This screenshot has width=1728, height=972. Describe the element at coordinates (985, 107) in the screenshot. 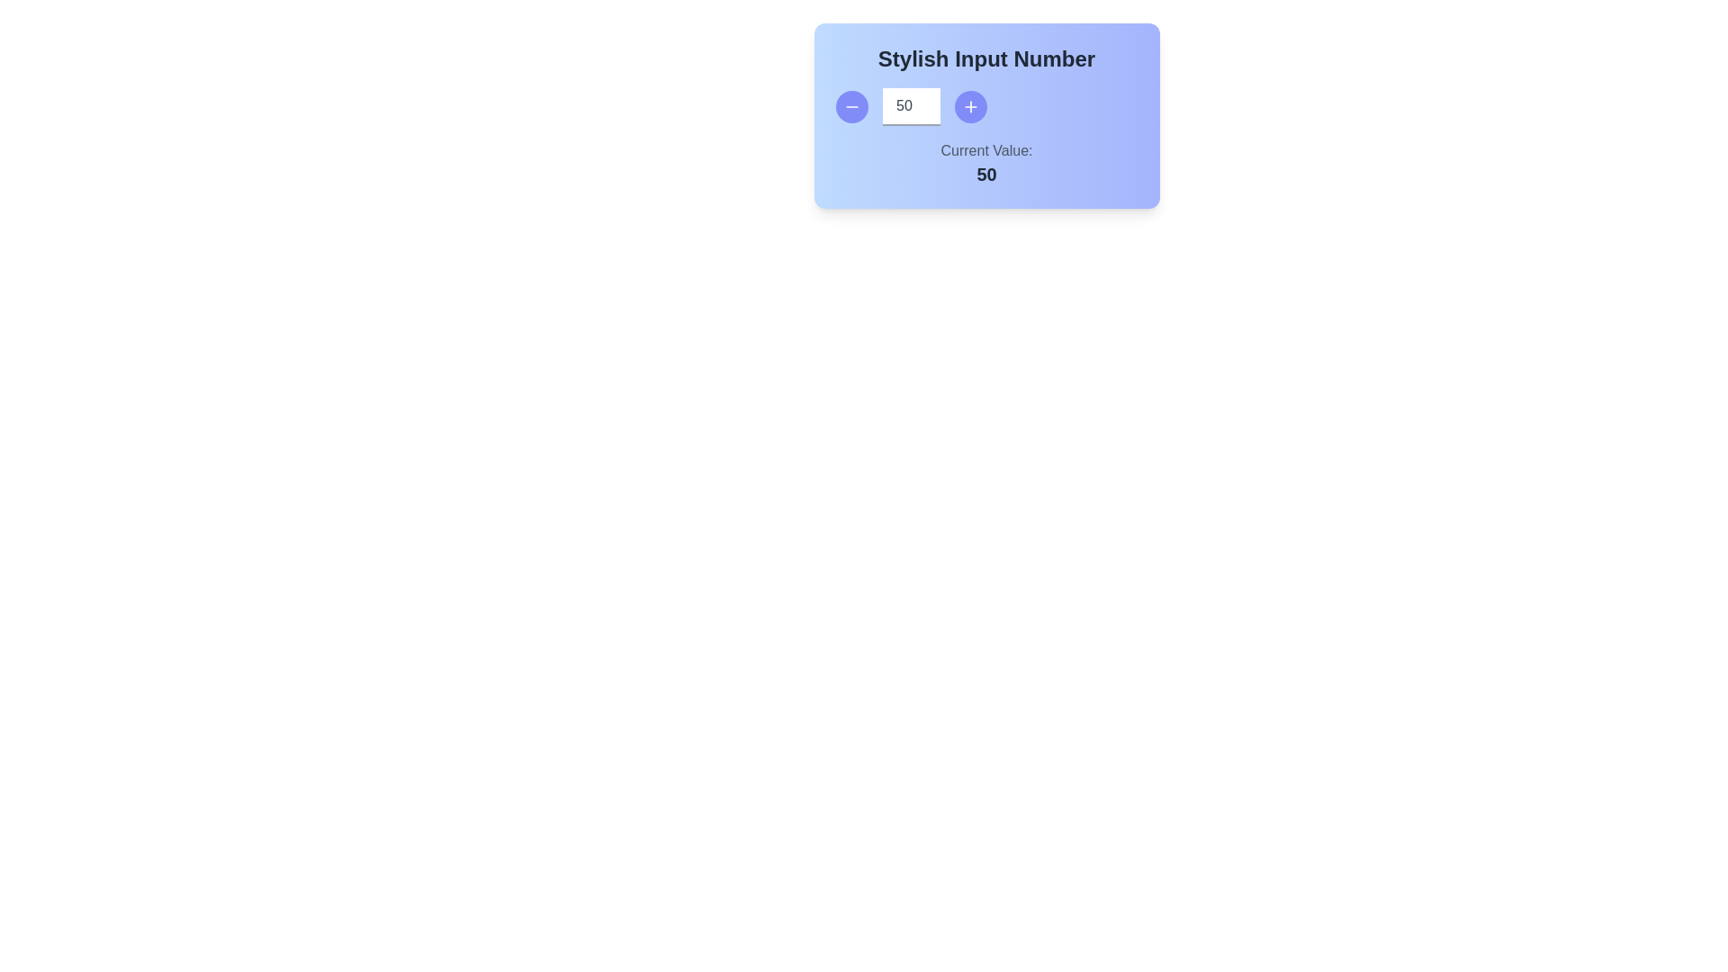

I see `the light blue button with a white '+' symbol, which is the third button in the row of controls next to the '-' button and an input box showing '50', to increment the value` at that location.